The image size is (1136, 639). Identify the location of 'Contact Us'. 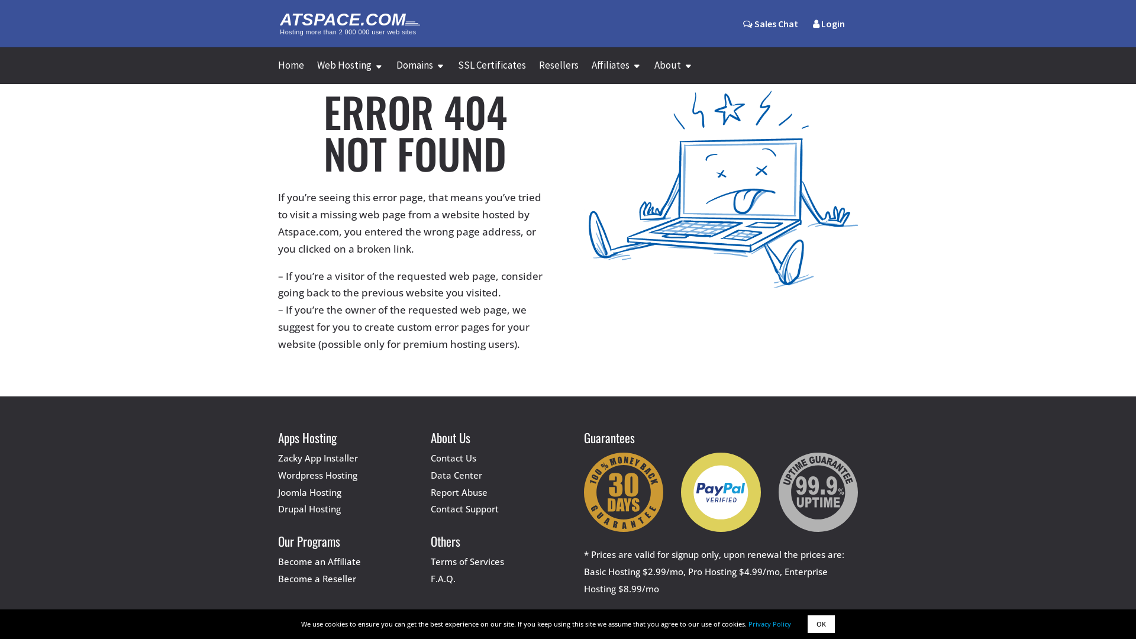
(430, 457).